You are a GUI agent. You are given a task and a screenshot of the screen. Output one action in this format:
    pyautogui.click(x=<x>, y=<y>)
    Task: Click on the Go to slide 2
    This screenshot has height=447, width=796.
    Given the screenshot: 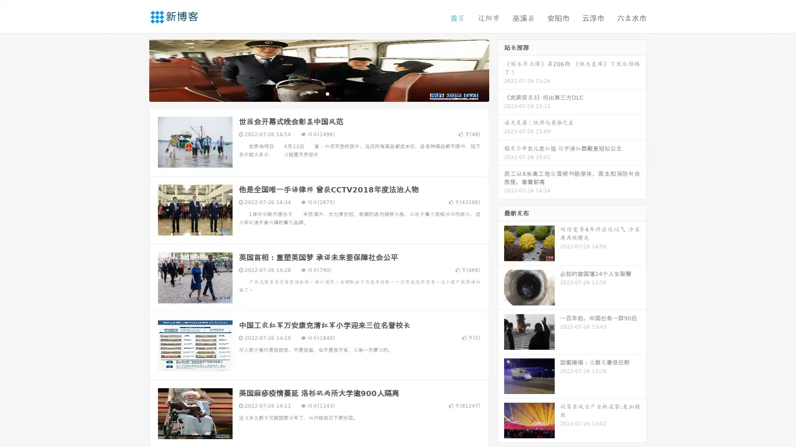 What is the action you would take?
    pyautogui.click(x=318, y=93)
    